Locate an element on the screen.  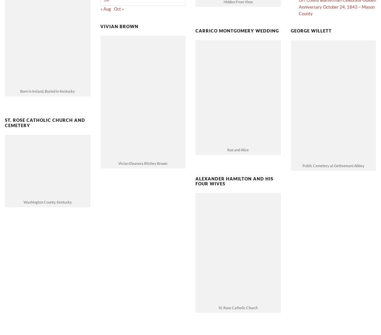
'Carrico Montgomery Wedding' is located at coordinates (195, 19).